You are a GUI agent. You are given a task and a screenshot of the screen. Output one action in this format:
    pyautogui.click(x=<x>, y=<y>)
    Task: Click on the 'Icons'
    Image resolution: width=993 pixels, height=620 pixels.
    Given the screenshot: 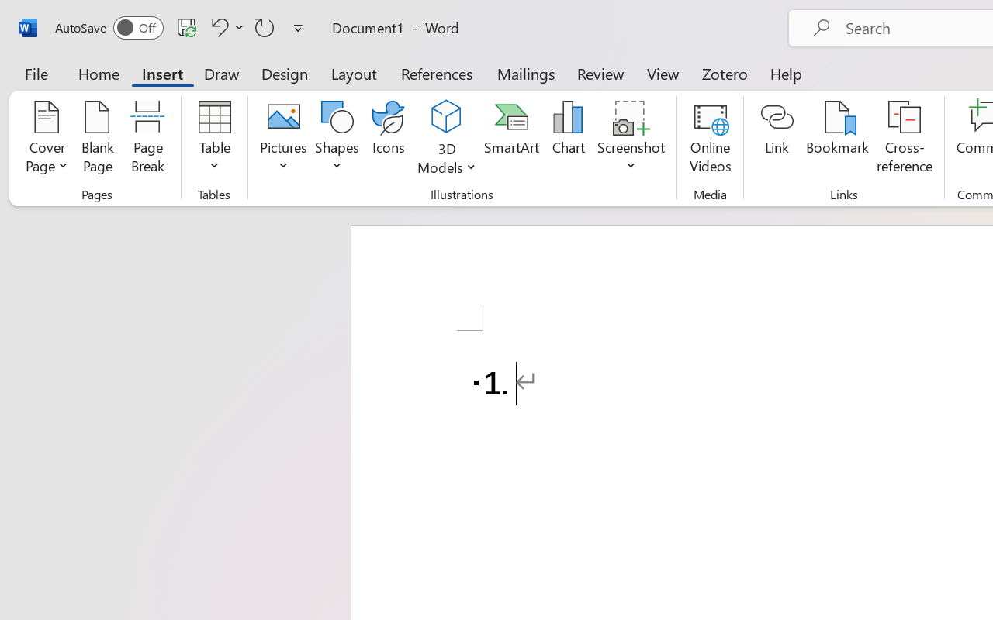 What is the action you would take?
    pyautogui.click(x=389, y=139)
    